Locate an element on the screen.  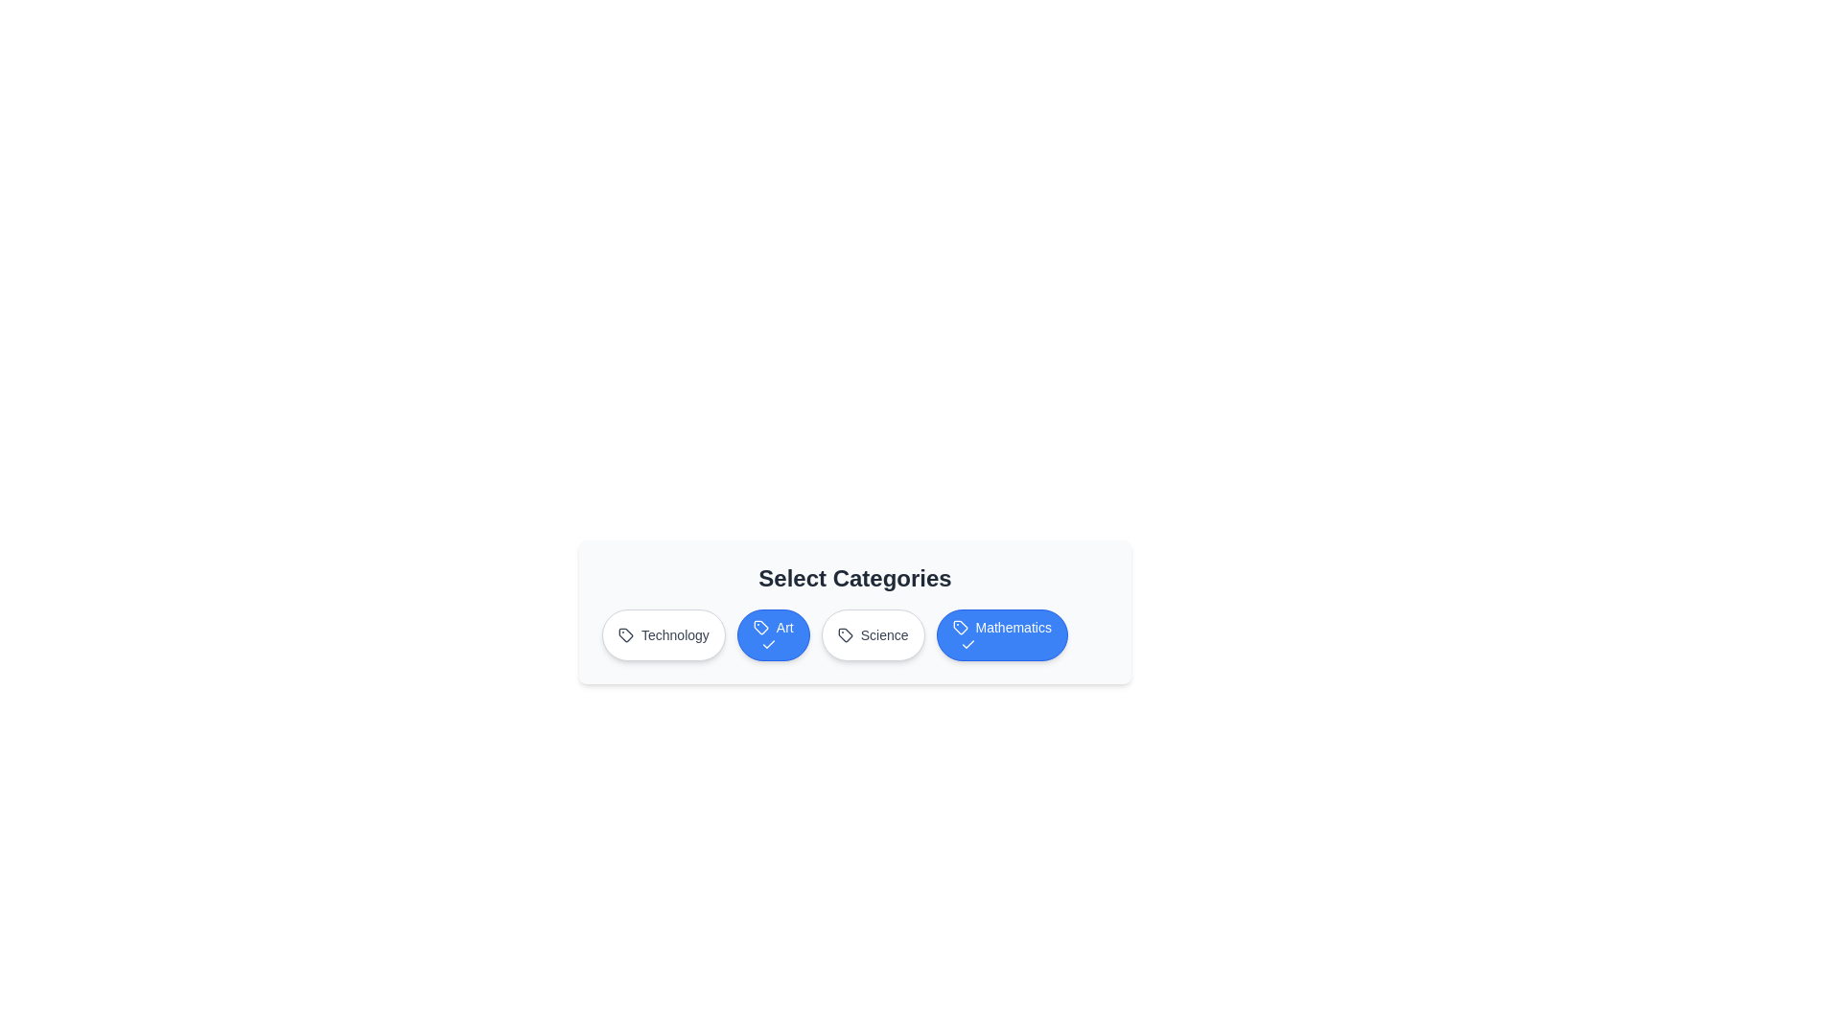
the Science button is located at coordinates (872, 635).